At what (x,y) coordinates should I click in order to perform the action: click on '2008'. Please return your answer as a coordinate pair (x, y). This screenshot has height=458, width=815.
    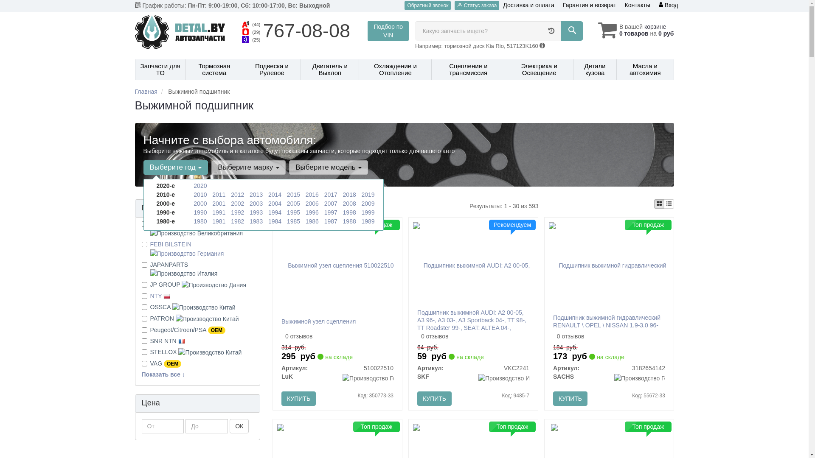
    Looking at the image, I should click on (349, 203).